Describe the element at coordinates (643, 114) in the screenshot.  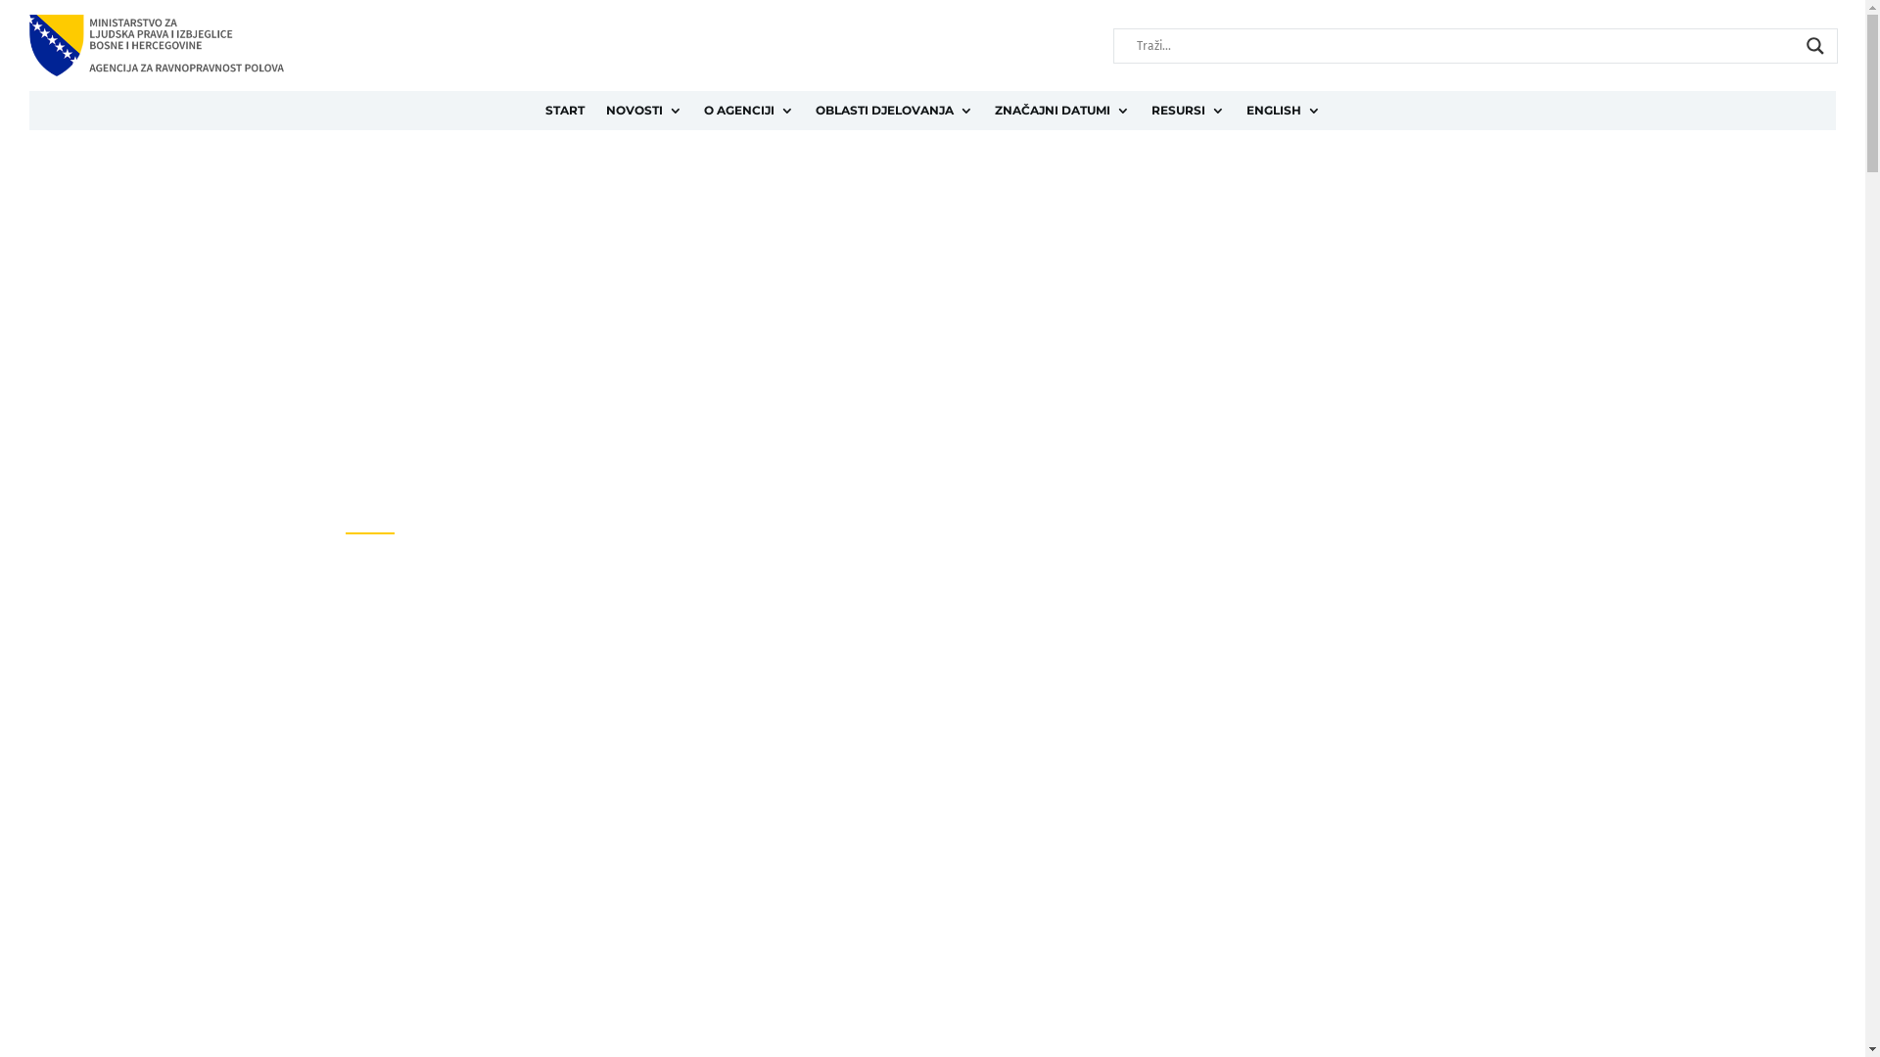
I see `'NOVOSTI'` at that location.